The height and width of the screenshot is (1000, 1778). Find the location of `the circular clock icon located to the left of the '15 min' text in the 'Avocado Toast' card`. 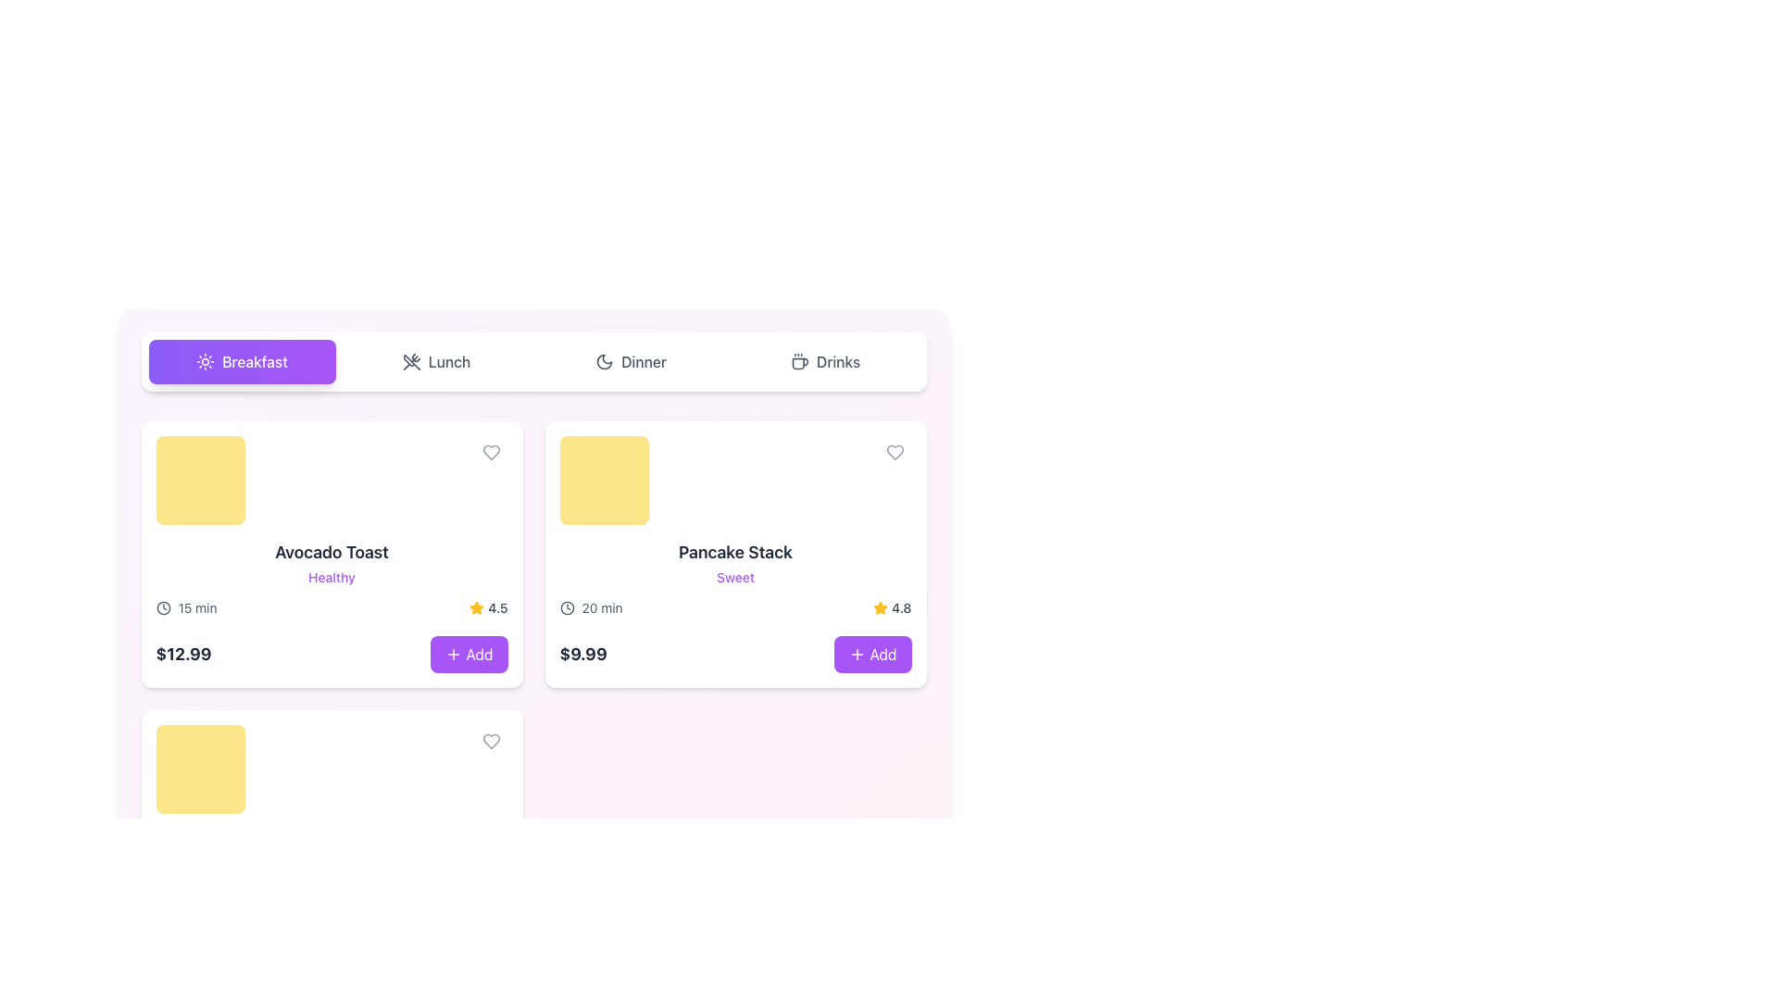

the circular clock icon located to the left of the '15 min' text in the 'Avocado Toast' card is located at coordinates (163, 607).